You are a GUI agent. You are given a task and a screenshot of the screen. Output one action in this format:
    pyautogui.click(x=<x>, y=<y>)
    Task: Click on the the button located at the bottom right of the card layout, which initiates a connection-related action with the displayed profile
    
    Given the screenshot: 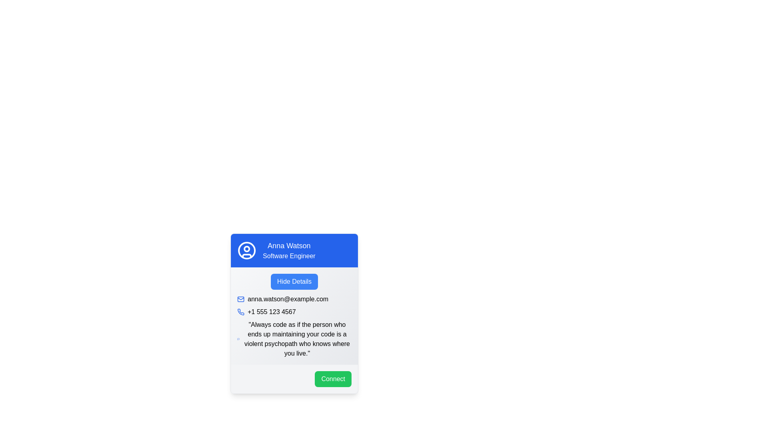 What is the action you would take?
    pyautogui.click(x=294, y=378)
    